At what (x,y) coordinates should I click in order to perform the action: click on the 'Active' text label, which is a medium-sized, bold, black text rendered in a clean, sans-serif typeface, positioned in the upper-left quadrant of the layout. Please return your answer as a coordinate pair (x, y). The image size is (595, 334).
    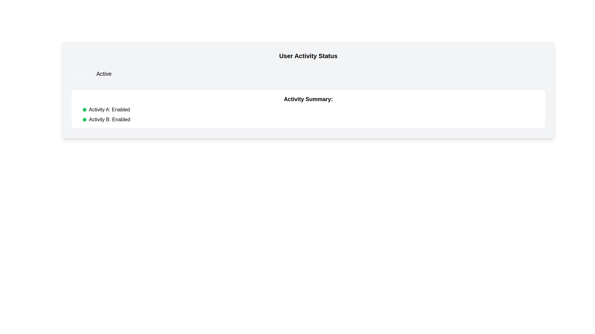
    Looking at the image, I should click on (104, 74).